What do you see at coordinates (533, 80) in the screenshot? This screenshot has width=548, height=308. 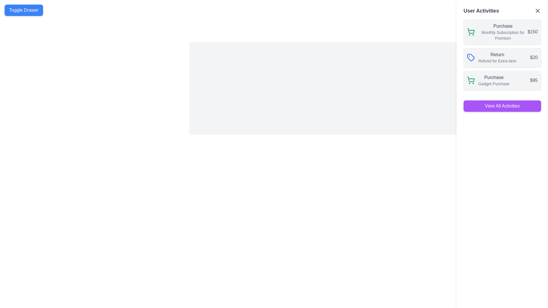 I see `the static text label that displays the price or cost of a specific item, located to the right of the 'Gadget Purchase' description` at bounding box center [533, 80].